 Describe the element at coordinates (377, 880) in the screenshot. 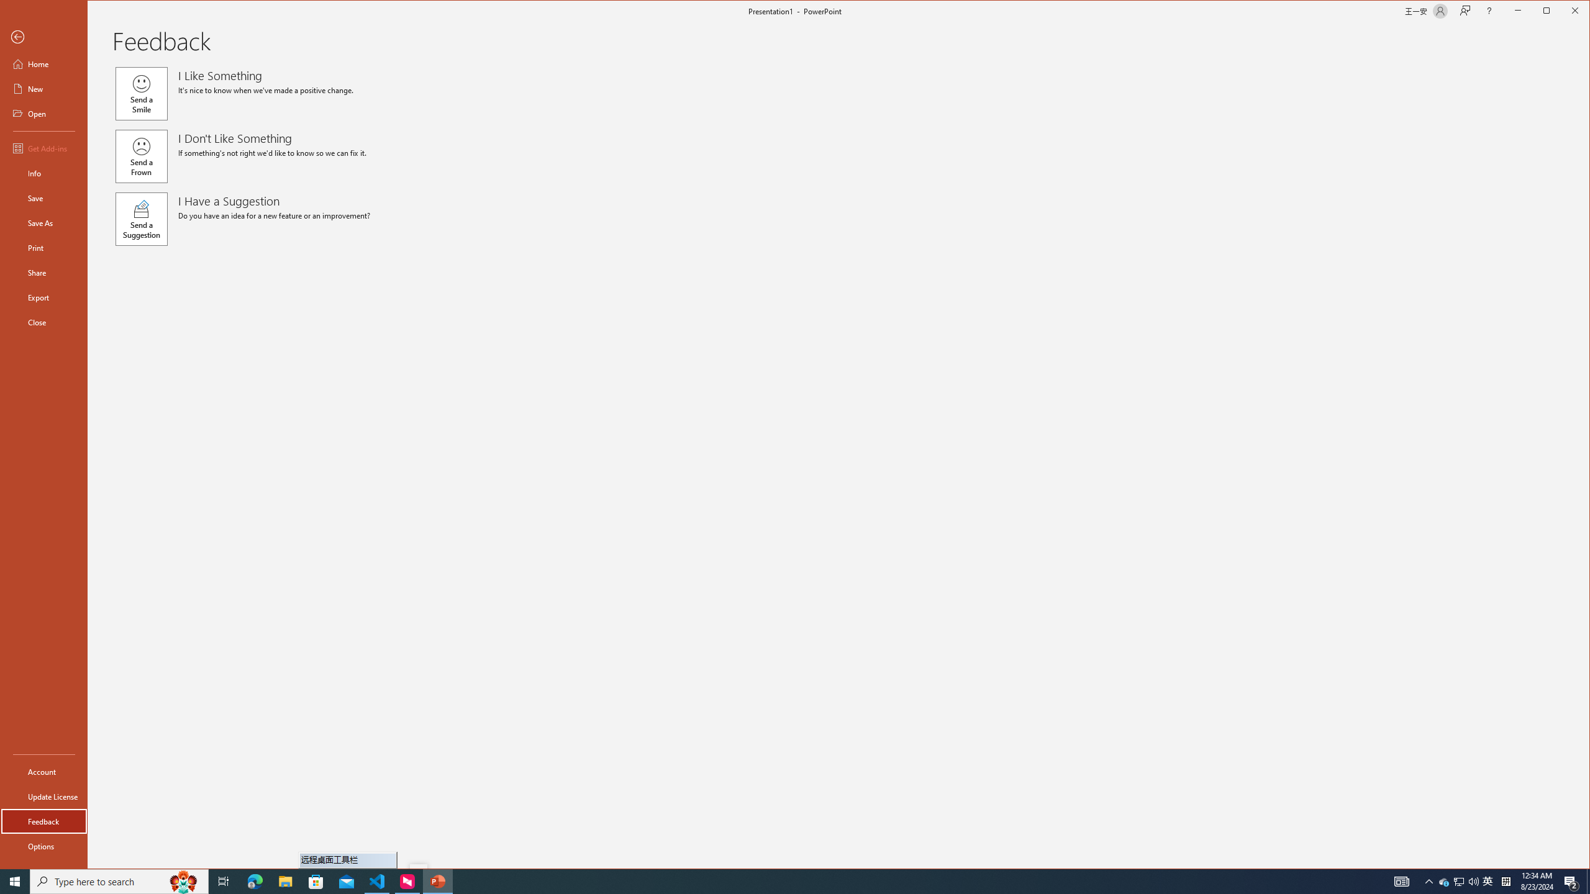

I see `'Visual Studio Code - 1 running window'` at that location.